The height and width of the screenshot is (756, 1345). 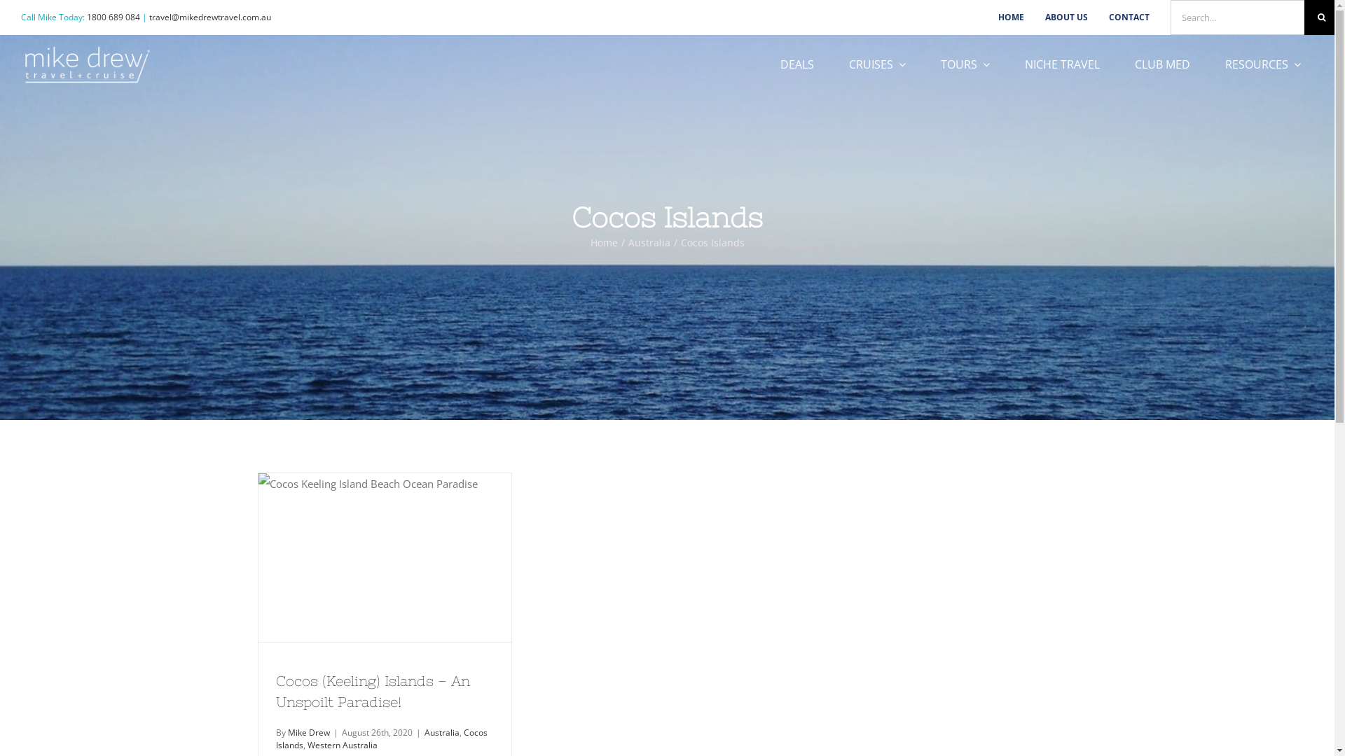 What do you see at coordinates (1025, 64) in the screenshot?
I see `'NICHE TRAVEL'` at bounding box center [1025, 64].